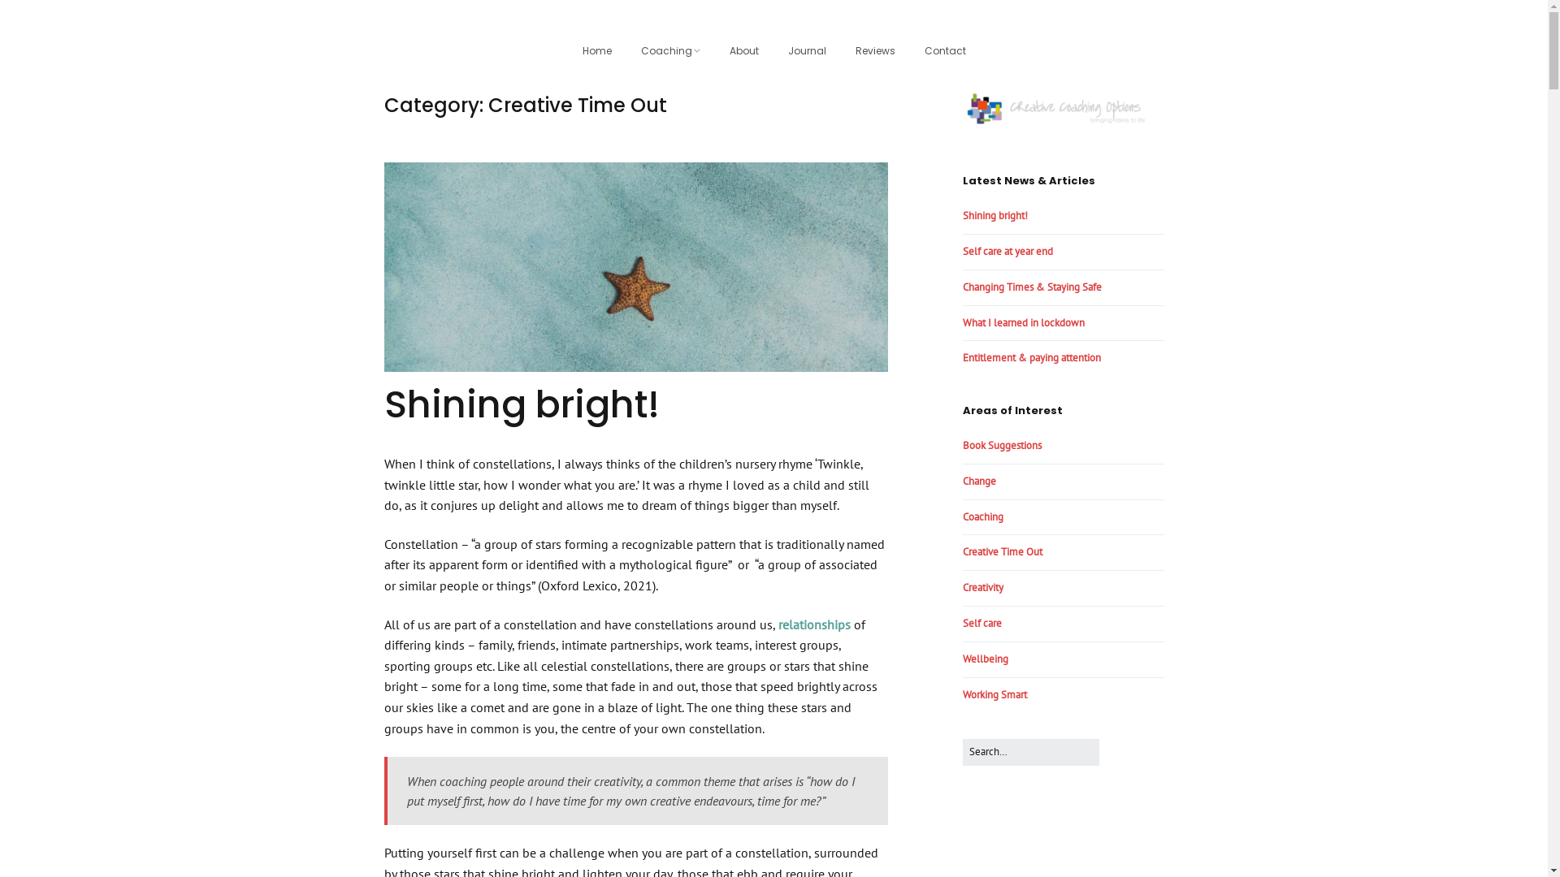  Describe the element at coordinates (1006, 251) in the screenshot. I see `'Self care at year end'` at that location.